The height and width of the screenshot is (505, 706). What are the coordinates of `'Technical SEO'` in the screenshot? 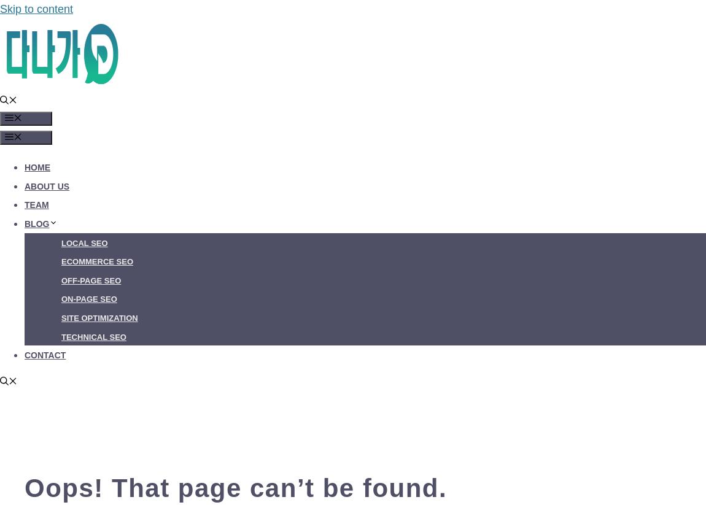 It's located at (93, 336).